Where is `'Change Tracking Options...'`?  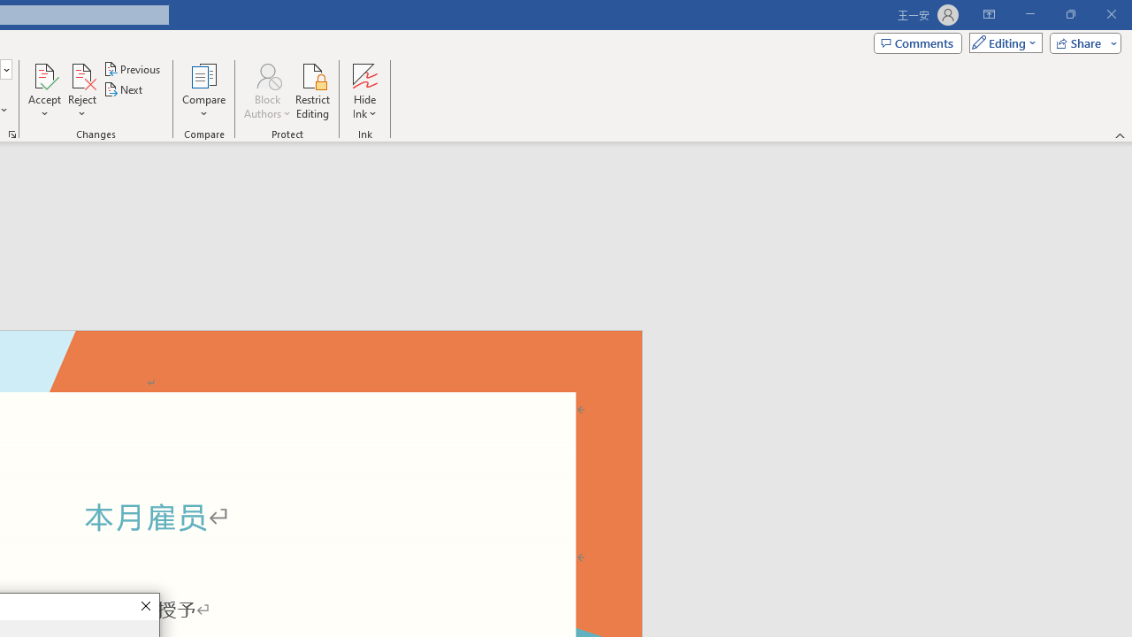 'Change Tracking Options...' is located at coordinates (12, 133).